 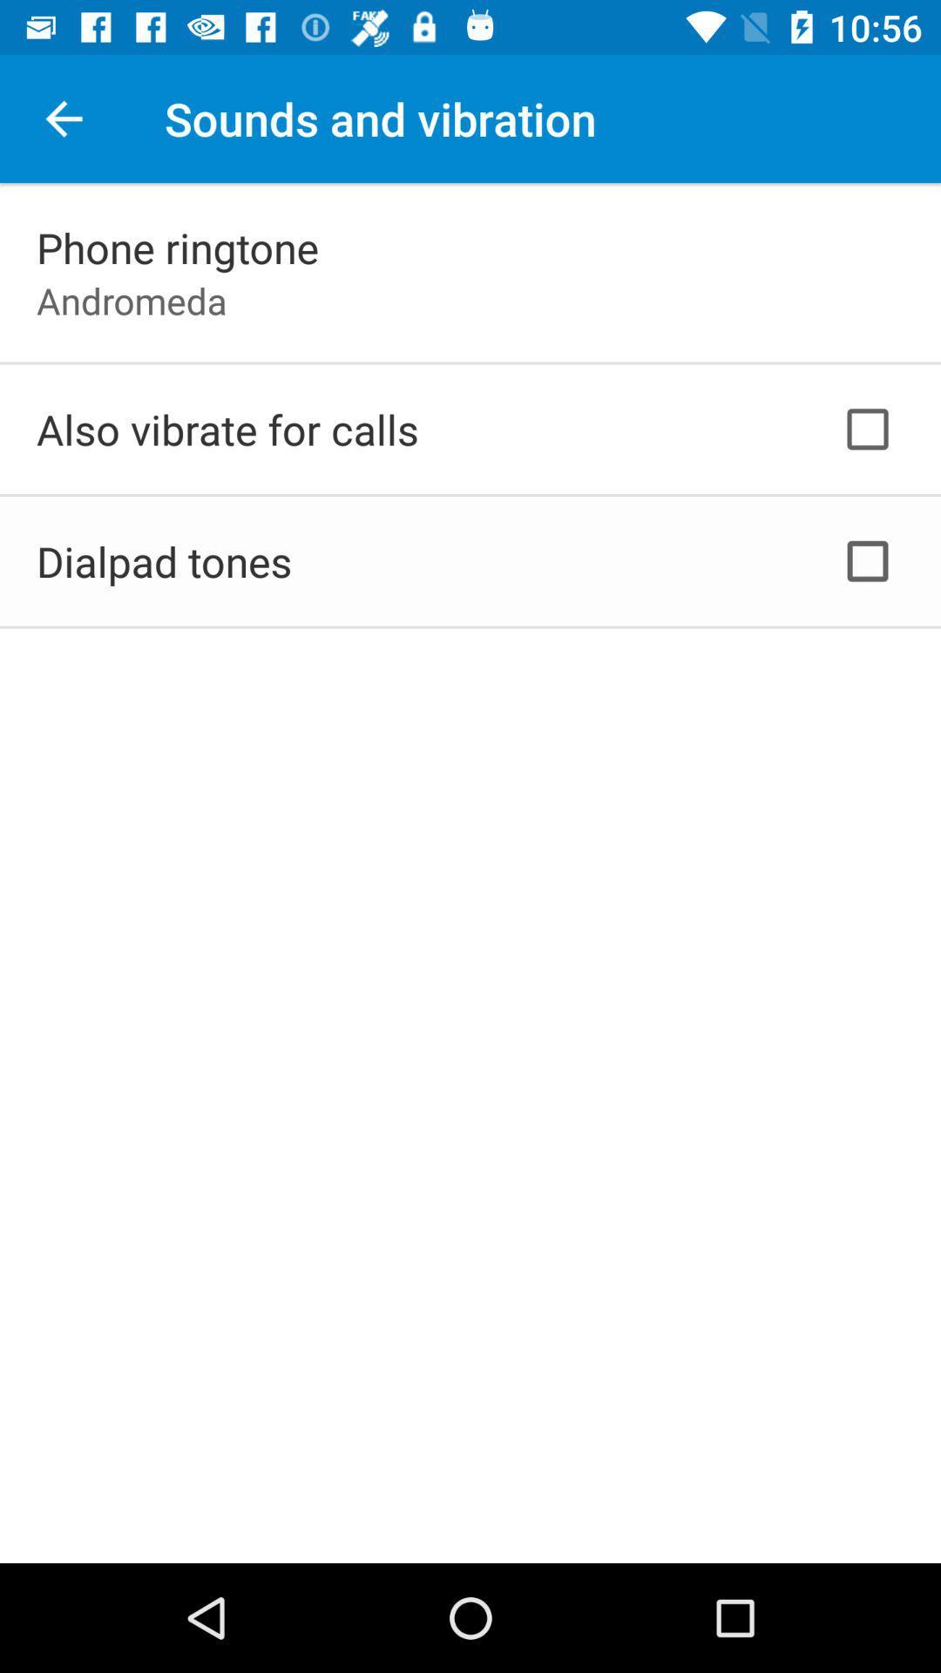 I want to click on icon above also vibrate for icon, so click(x=131, y=301).